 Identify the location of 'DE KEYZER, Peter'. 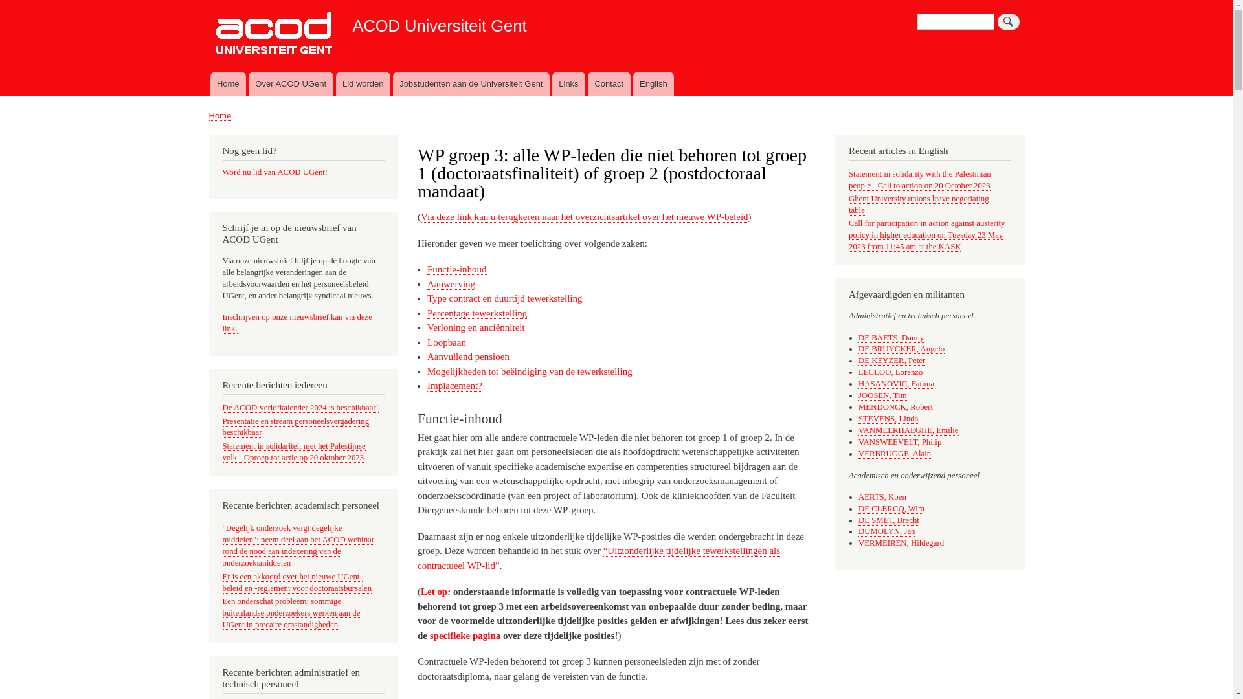
(891, 361).